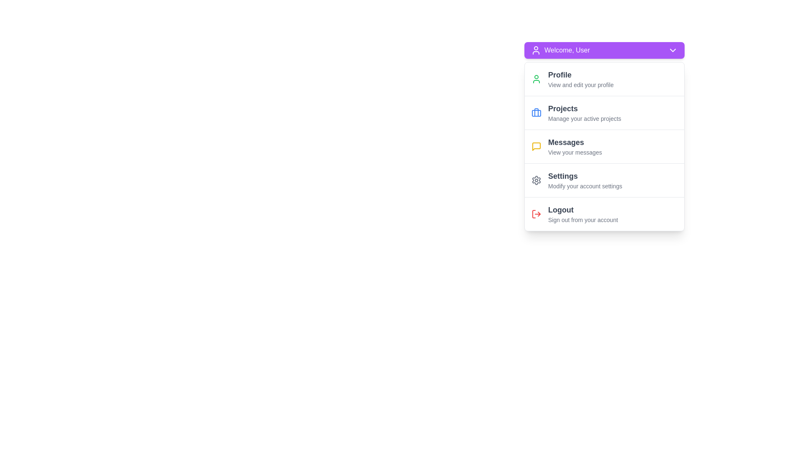  What do you see at coordinates (673, 50) in the screenshot?
I see `the chevron icon located on the right side of the purple header, following the text 'Welcome, User'` at bounding box center [673, 50].